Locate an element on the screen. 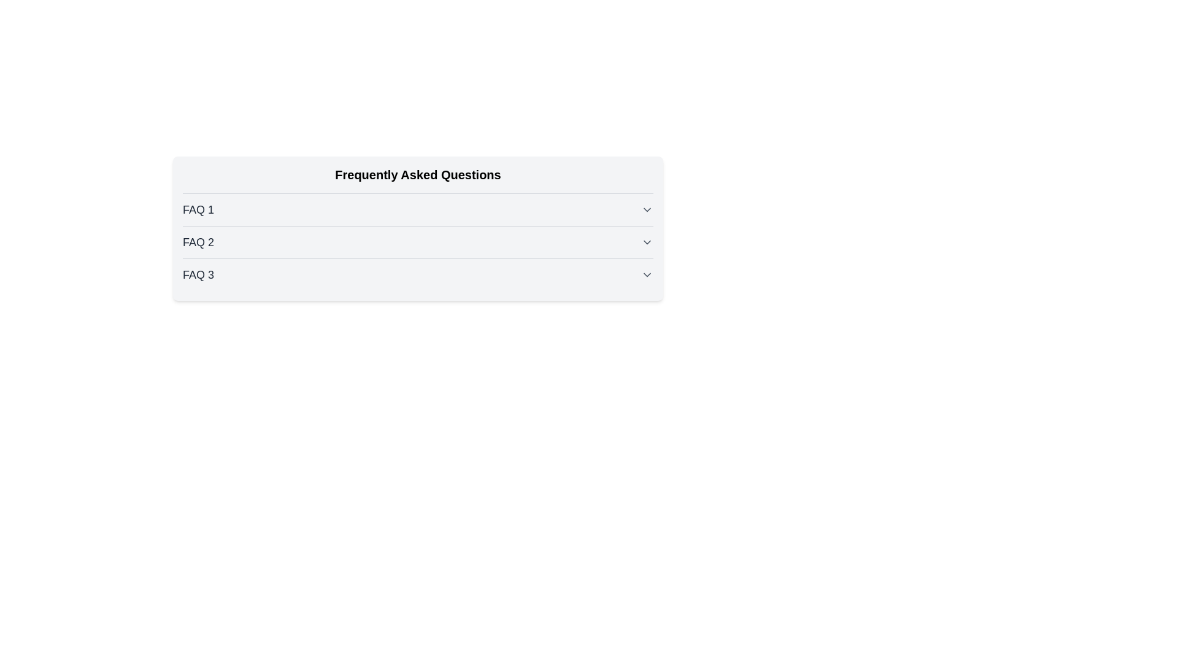  text label 'FAQ 2', which is a bold, medium-sized, dark gray text element positioned as the second item in a vertically listed structure of FAQs is located at coordinates (198, 242).